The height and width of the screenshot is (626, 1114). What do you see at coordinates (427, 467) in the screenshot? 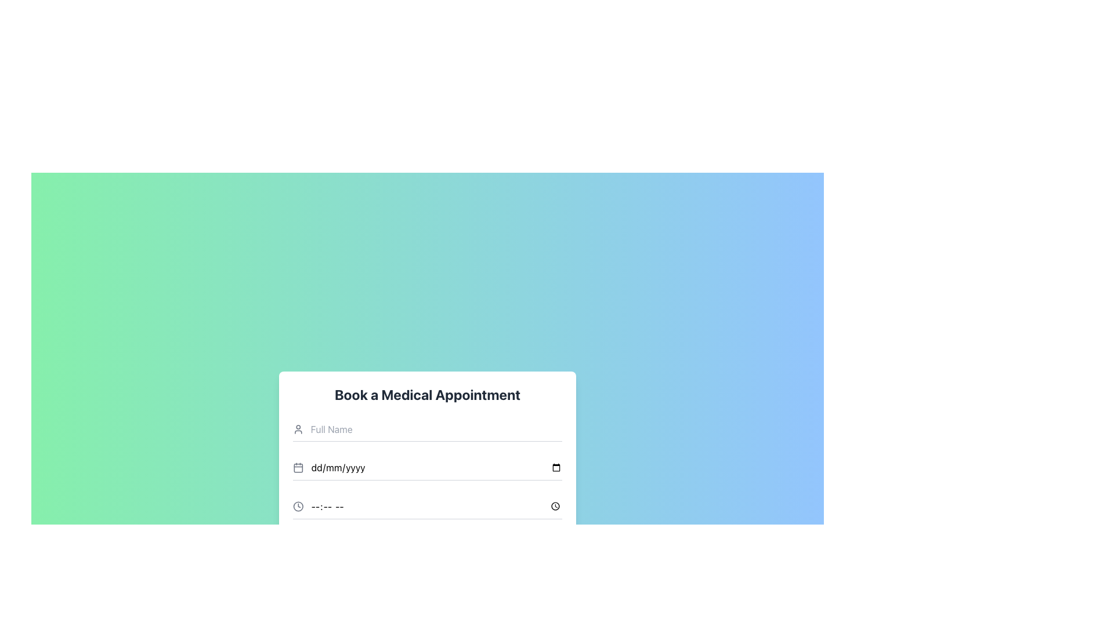
I see `the Date input field` at bounding box center [427, 467].